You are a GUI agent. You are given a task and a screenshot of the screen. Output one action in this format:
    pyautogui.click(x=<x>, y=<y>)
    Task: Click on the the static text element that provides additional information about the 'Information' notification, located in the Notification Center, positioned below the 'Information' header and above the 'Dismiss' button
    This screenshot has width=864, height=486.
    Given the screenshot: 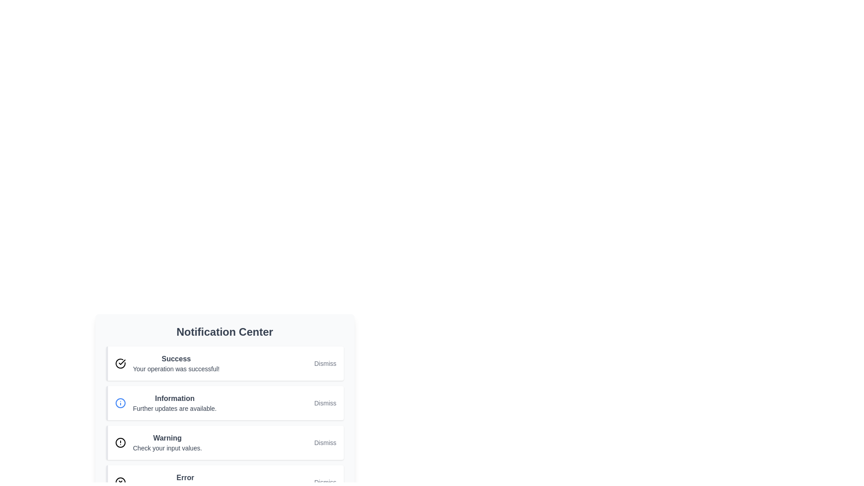 What is the action you would take?
    pyautogui.click(x=175, y=408)
    